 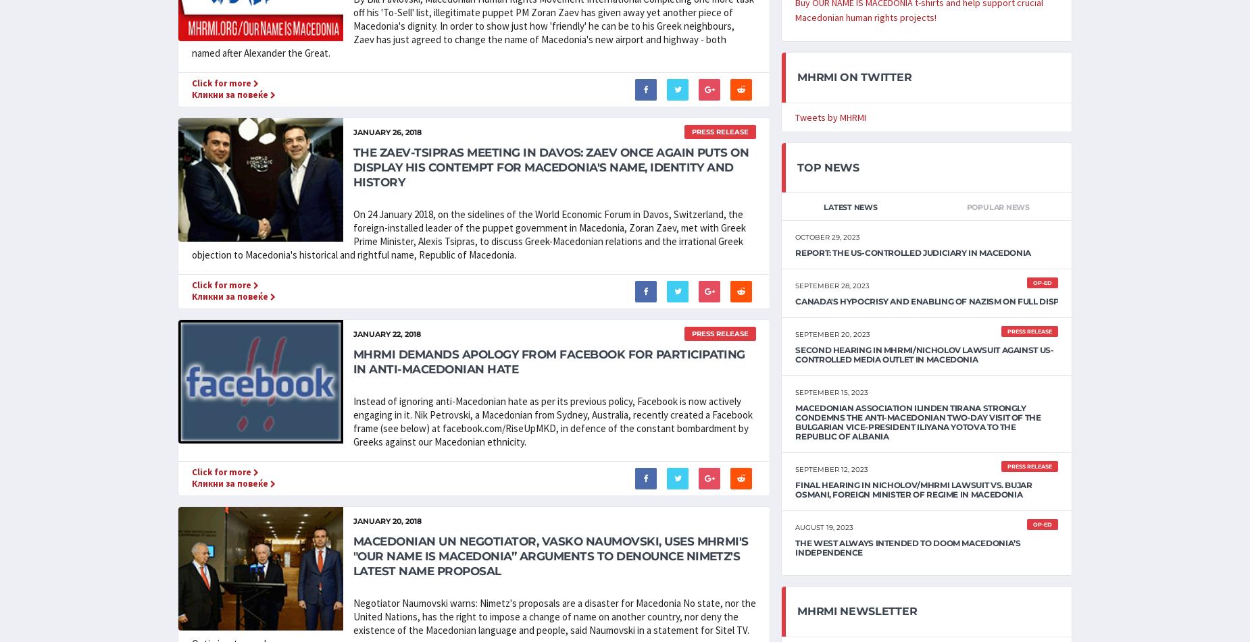 What do you see at coordinates (934, 301) in the screenshot?
I see `'Canada's Hypocrisy and Enabling of Nazism on Full Display'` at bounding box center [934, 301].